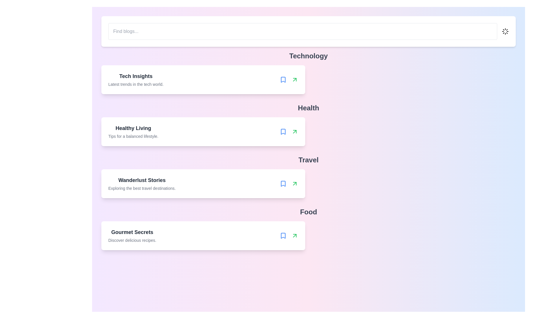  What do you see at coordinates (505, 31) in the screenshot?
I see `the loading spinner icon located to the immediate right of the 'Find blogs...' input field` at bounding box center [505, 31].